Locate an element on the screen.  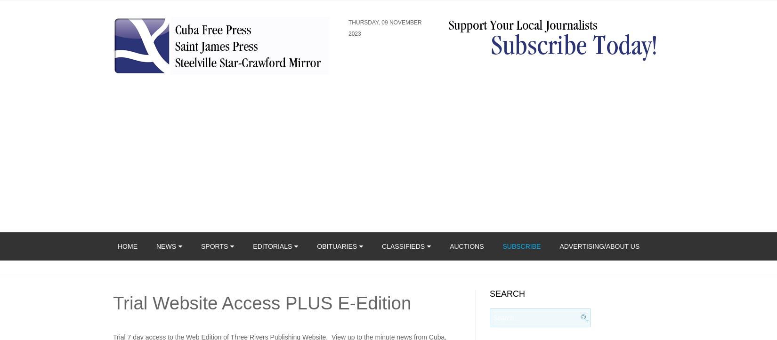
'Home' is located at coordinates (127, 246).